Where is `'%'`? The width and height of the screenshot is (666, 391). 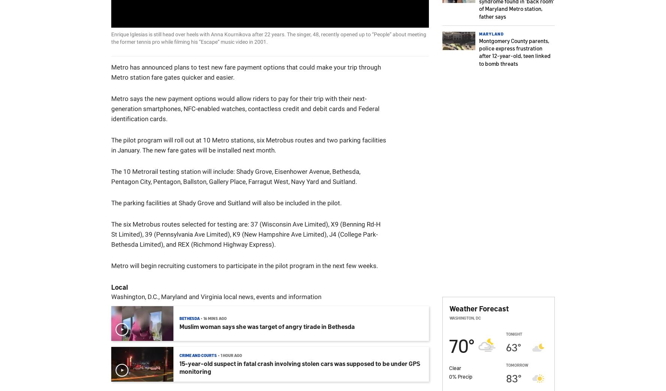
'%' is located at coordinates (454, 376).